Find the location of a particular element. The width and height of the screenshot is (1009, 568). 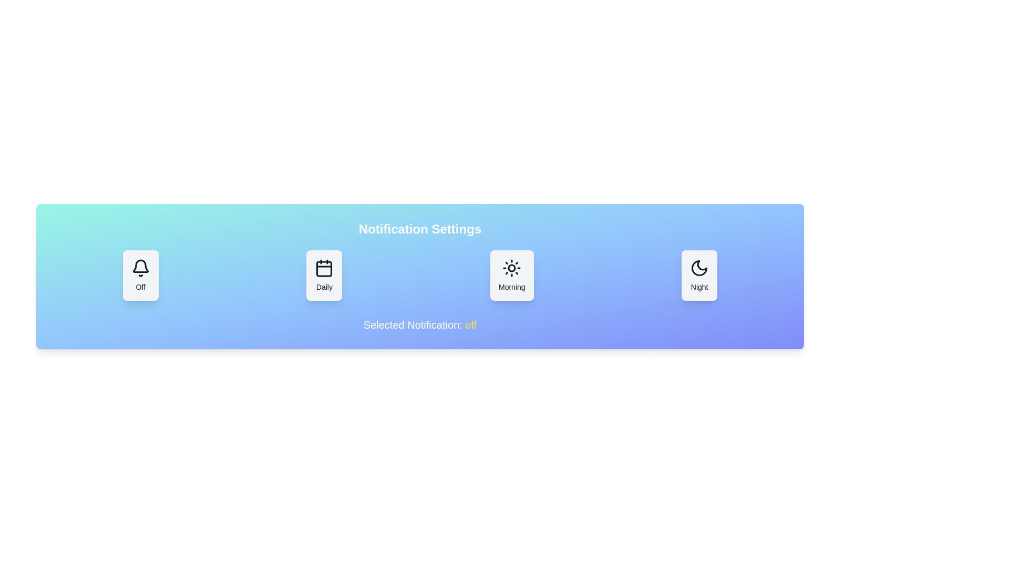

the notification setting to Off is located at coordinates (140, 275).